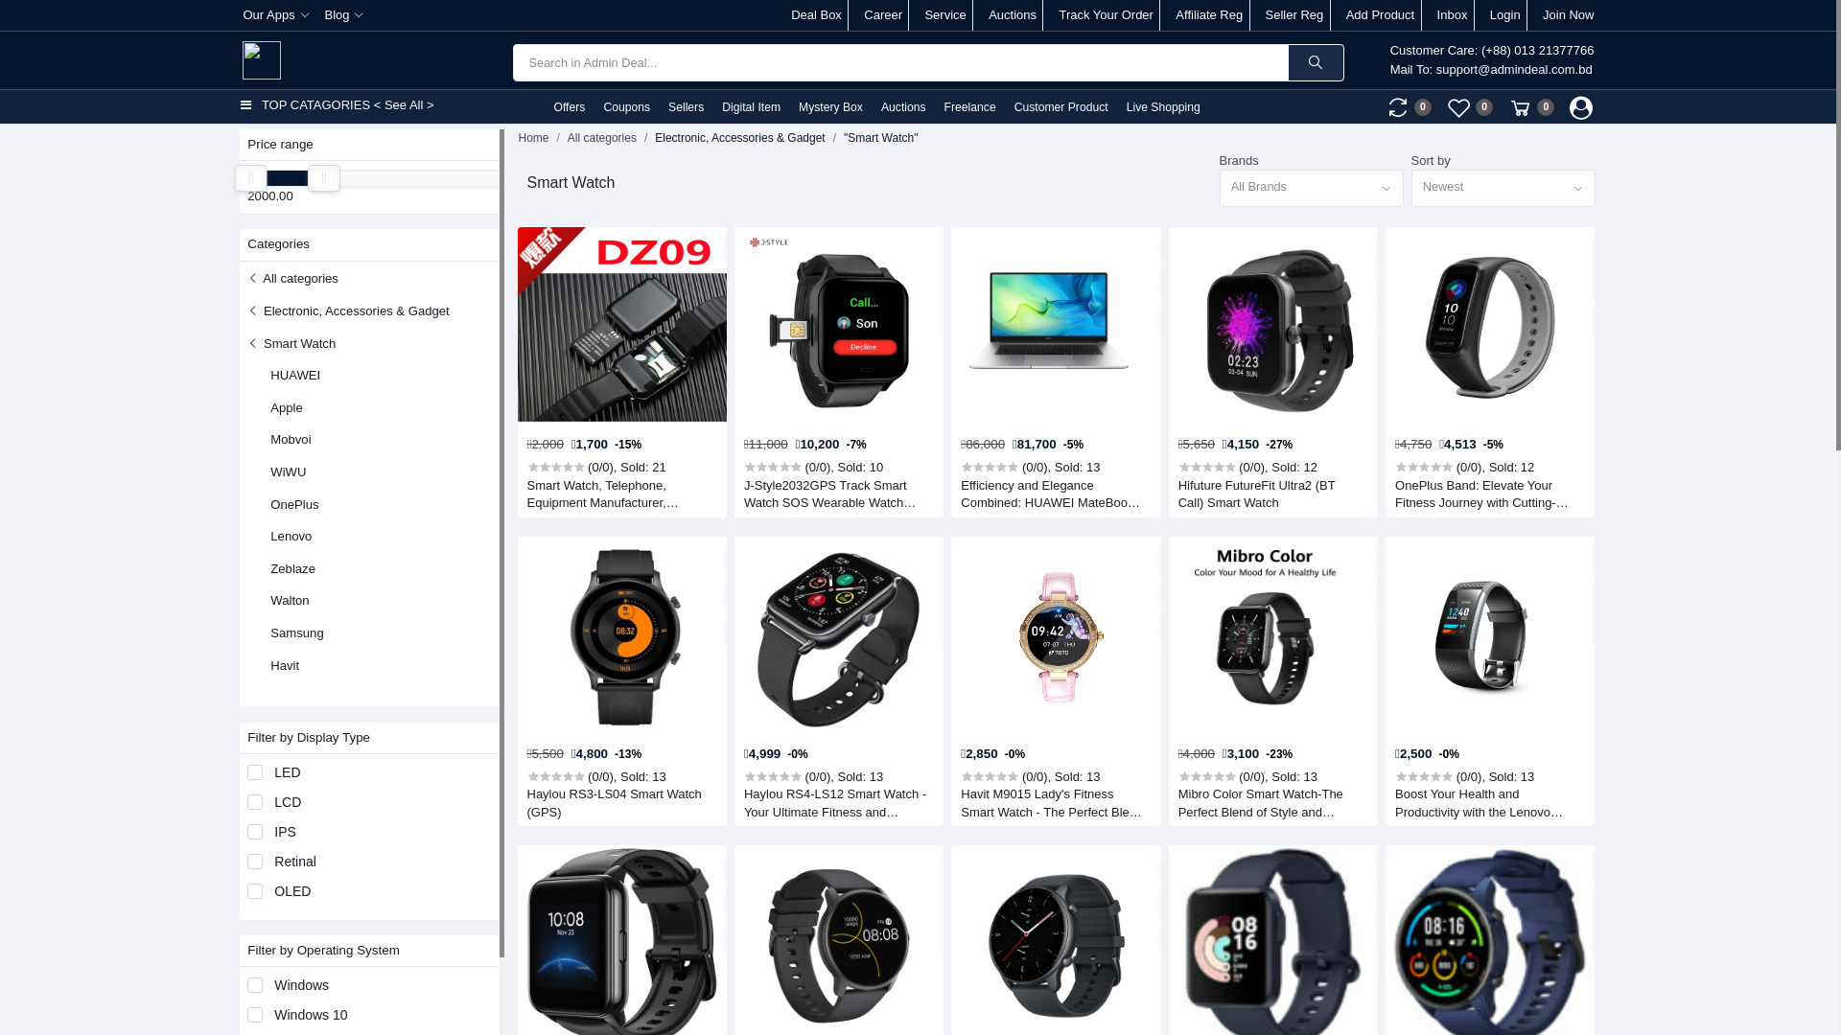 This screenshot has width=1841, height=1035. I want to click on 'Haylou RS3-LS04 Smart Watch (GPS)', so click(619, 802).